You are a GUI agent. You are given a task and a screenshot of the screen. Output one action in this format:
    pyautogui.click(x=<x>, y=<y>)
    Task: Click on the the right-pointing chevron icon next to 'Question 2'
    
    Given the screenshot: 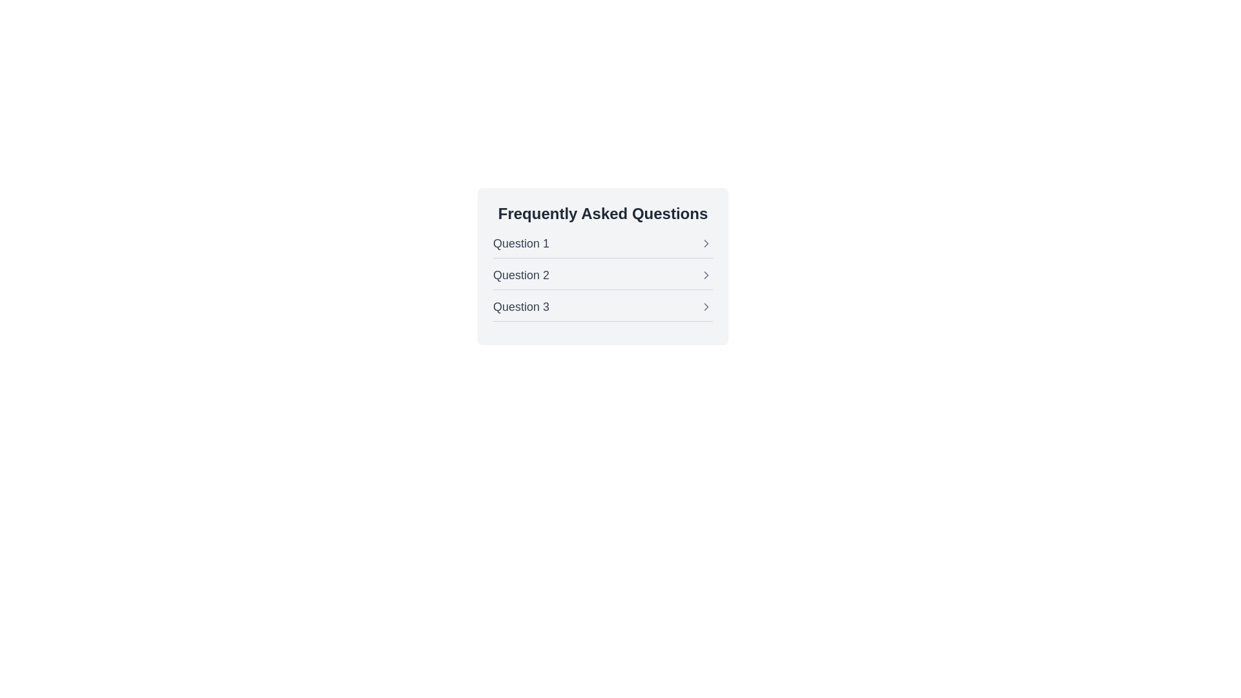 What is the action you would take?
    pyautogui.click(x=706, y=274)
    